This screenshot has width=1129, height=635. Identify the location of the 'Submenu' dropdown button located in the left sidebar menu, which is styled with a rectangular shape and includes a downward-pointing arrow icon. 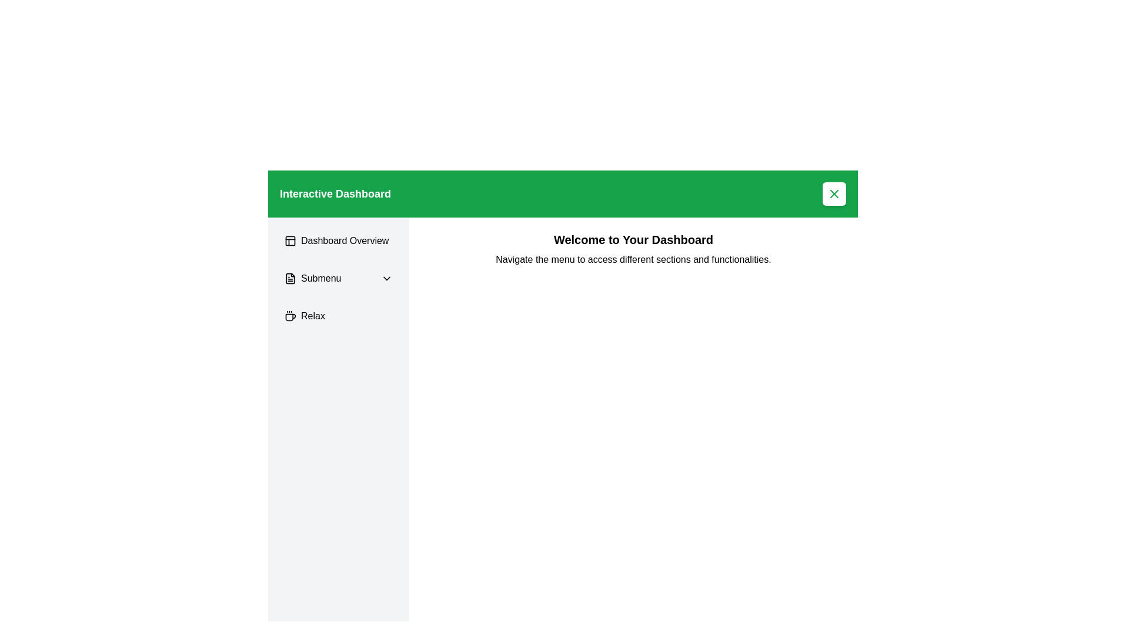
(338, 279).